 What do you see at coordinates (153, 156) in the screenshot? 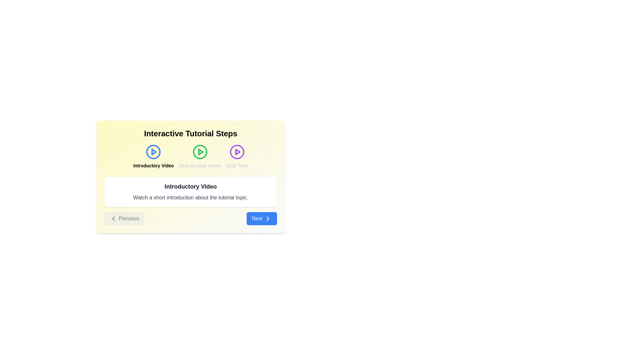
I see `the step titled Introductory Video by clicking its icon` at bounding box center [153, 156].